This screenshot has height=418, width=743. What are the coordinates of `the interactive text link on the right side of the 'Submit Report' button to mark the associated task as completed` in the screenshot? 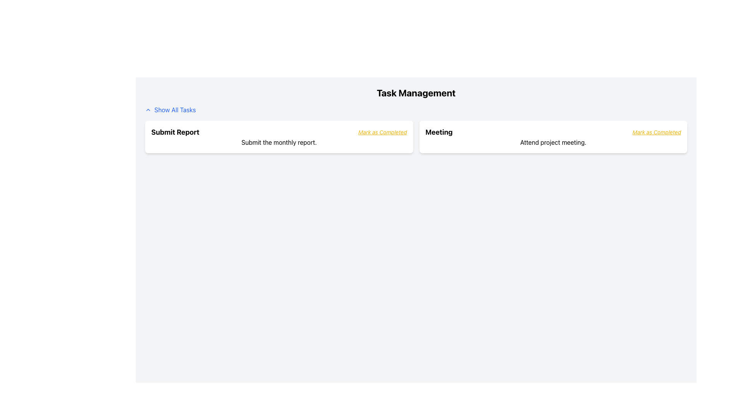 It's located at (382, 132).